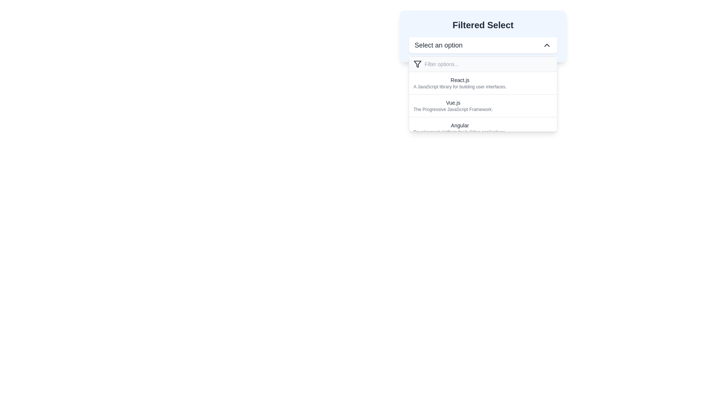 The image size is (714, 401). What do you see at coordinates (418, 64) in the screenshot?
I see `the filter icon represented by a funnel shape, located at the left side of the 'Filter options...' text input box in the dropdown menu` at bounding box center [418, 64].